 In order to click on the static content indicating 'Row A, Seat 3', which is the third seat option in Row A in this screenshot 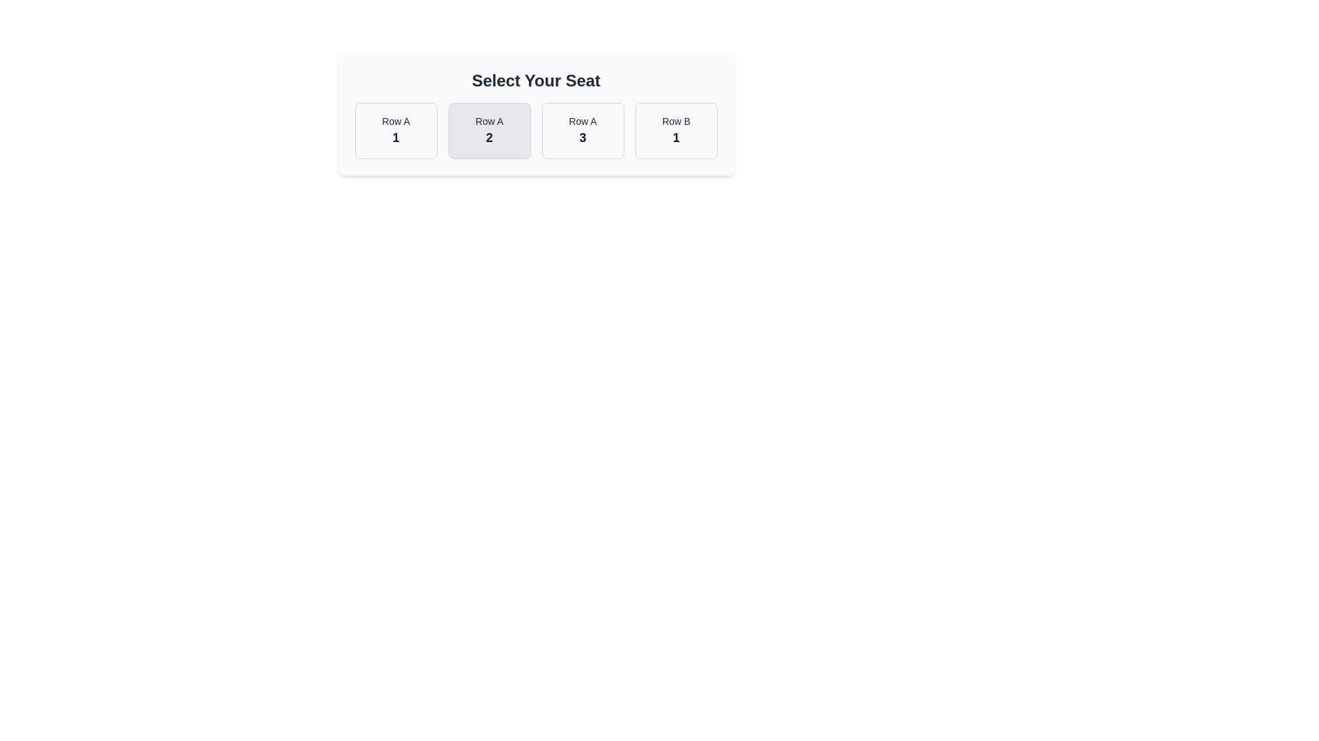, I will do `click(583, 131)`.